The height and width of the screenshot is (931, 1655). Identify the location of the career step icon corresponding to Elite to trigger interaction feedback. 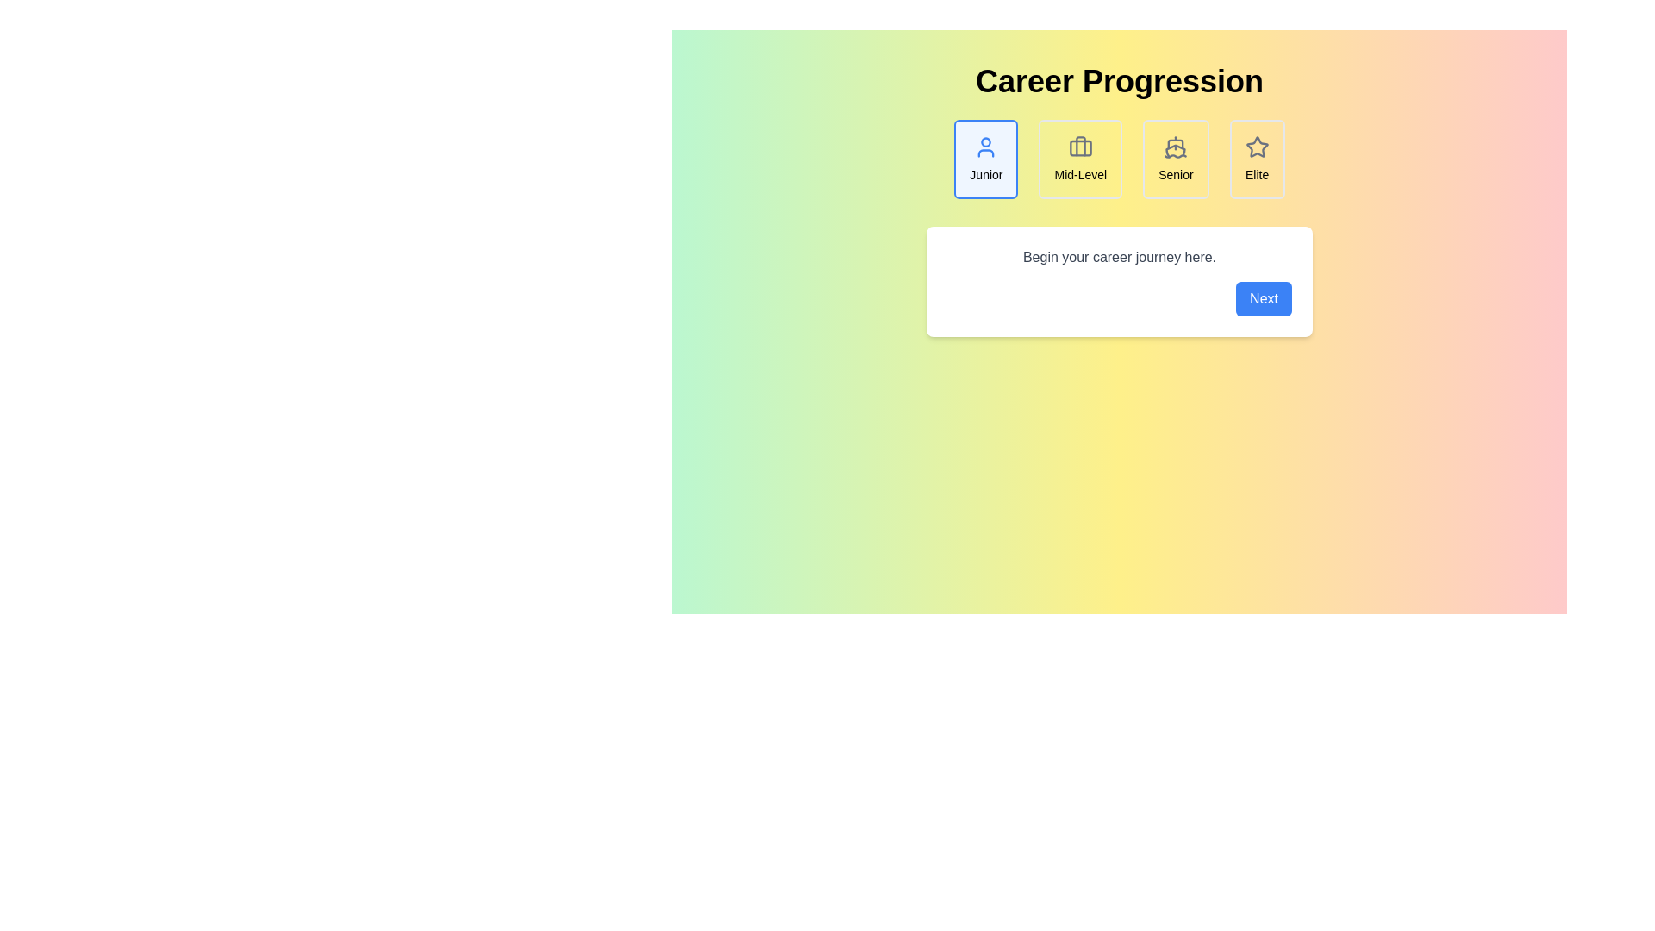
(1257, 159).